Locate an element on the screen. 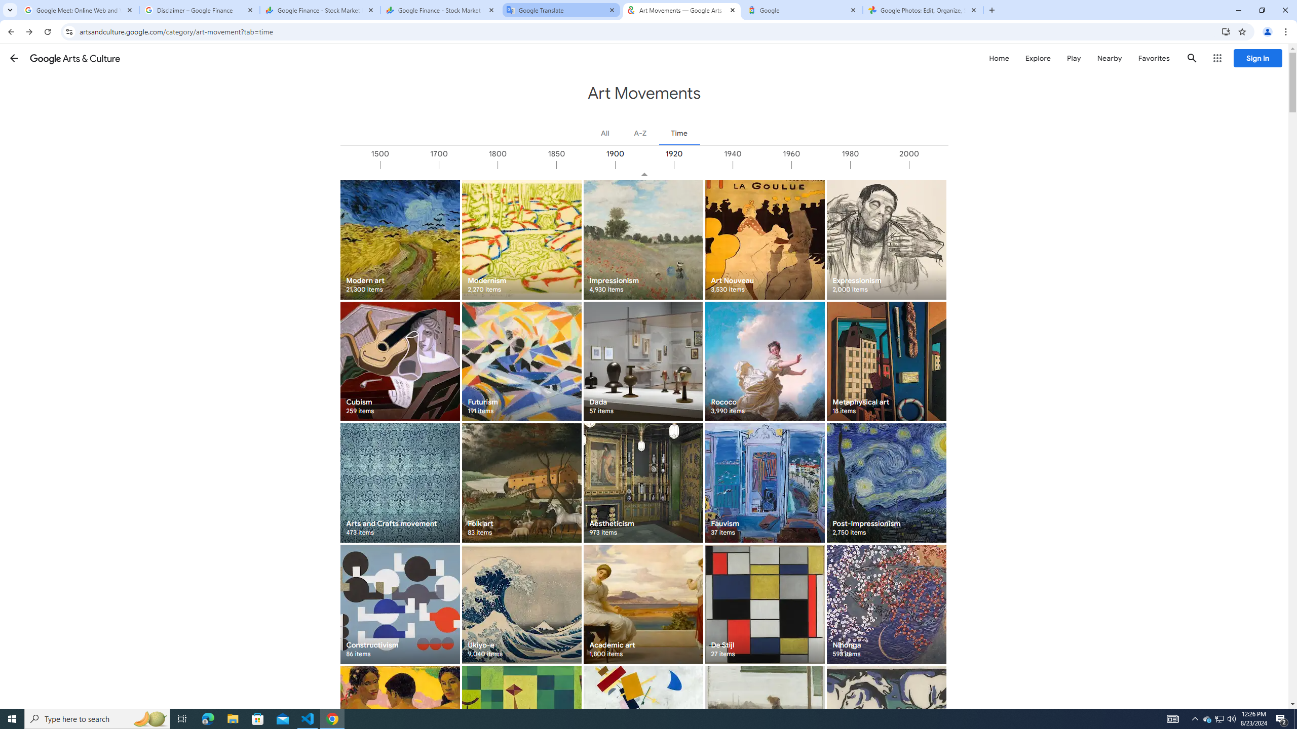  '1980' is located at coordinates (879, 165).